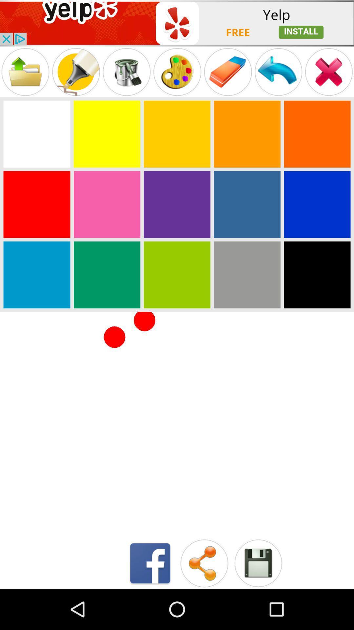 This screenshot has width=354, height=630. I want to click on color, so click(107, 275).